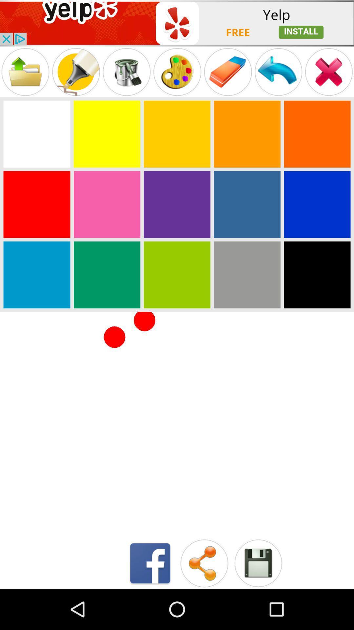 This screenshot has width=354, height=630. I want to click on color, so click(107, 275).